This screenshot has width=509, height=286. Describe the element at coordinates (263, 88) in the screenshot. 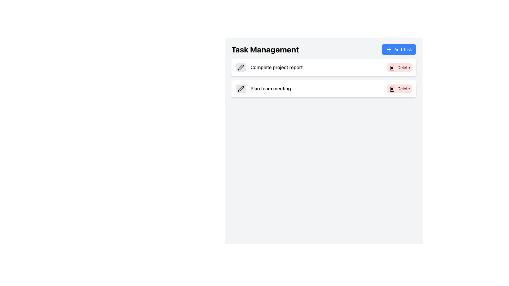

I see `the text label 'Plan team meeting', which is located within the second task card under the 'Task Management' header, aligned to the left and adjacent to a pen icon` at that location.